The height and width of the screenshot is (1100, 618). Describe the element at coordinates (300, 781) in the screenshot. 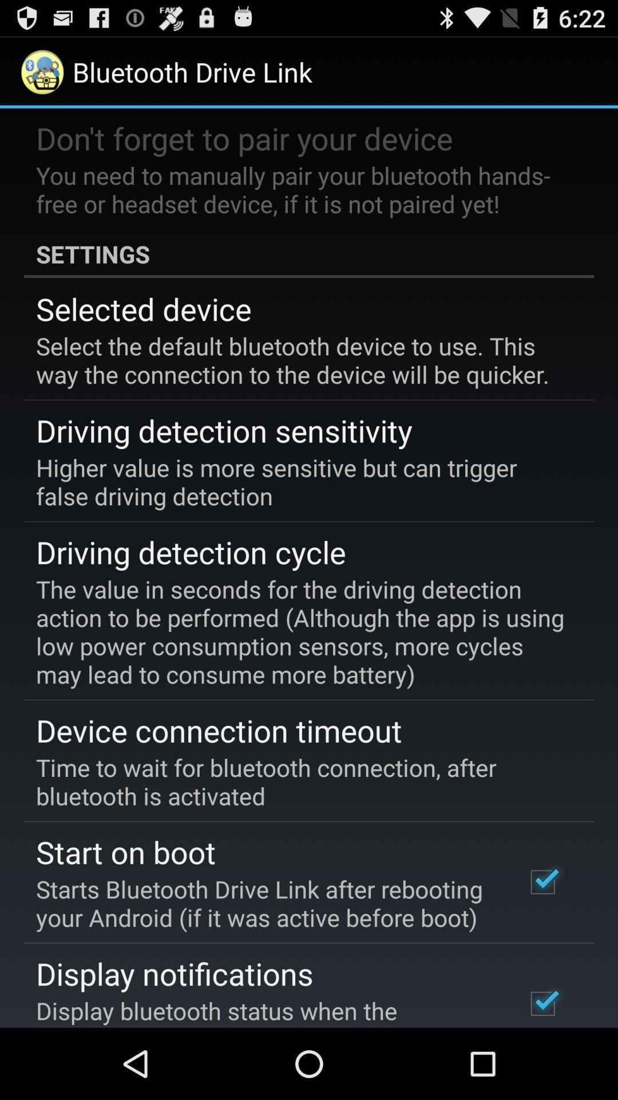

I see `time to wait item` at that location.